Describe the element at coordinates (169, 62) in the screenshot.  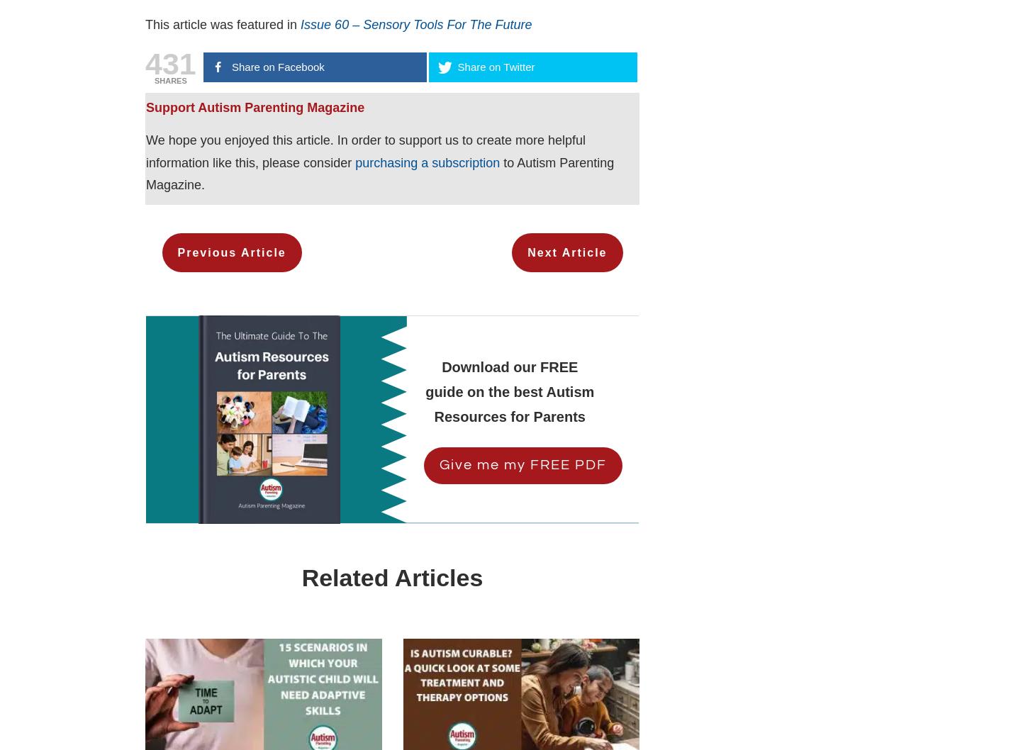
I see `'431'` at that location.